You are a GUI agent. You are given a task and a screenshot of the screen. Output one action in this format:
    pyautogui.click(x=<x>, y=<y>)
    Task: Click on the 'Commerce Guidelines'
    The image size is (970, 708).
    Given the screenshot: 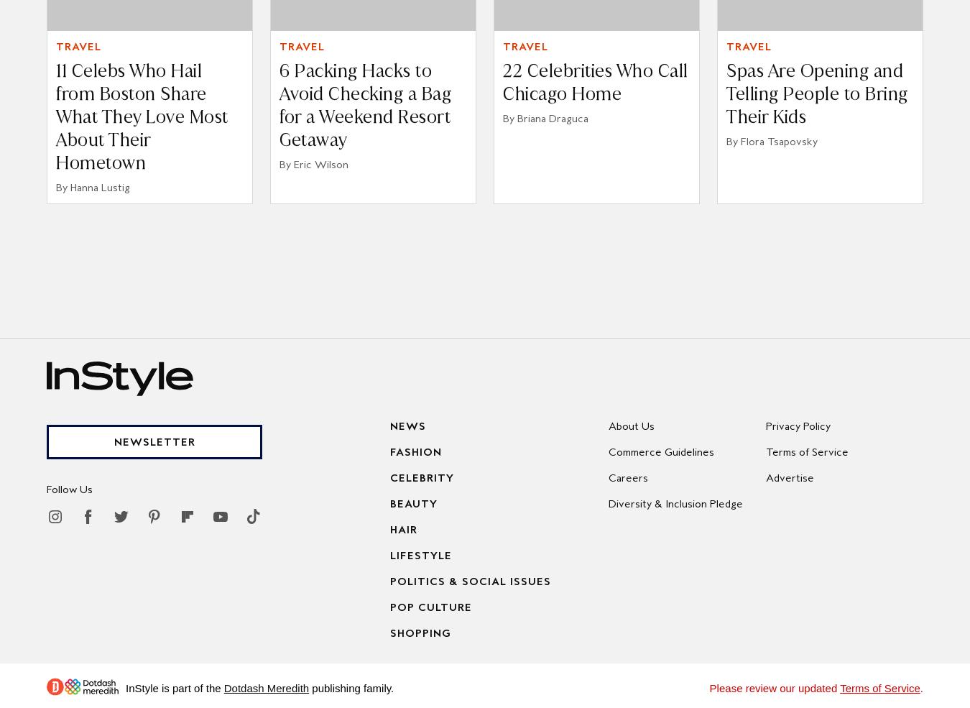 What is the action you would take?
    pyautogui.click(x=660, y=451)
    